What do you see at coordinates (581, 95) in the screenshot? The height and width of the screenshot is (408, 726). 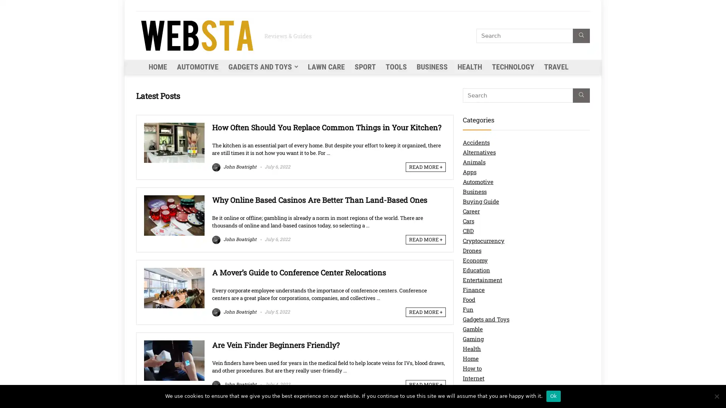 I see `Search` at bounding box center [581, 95].